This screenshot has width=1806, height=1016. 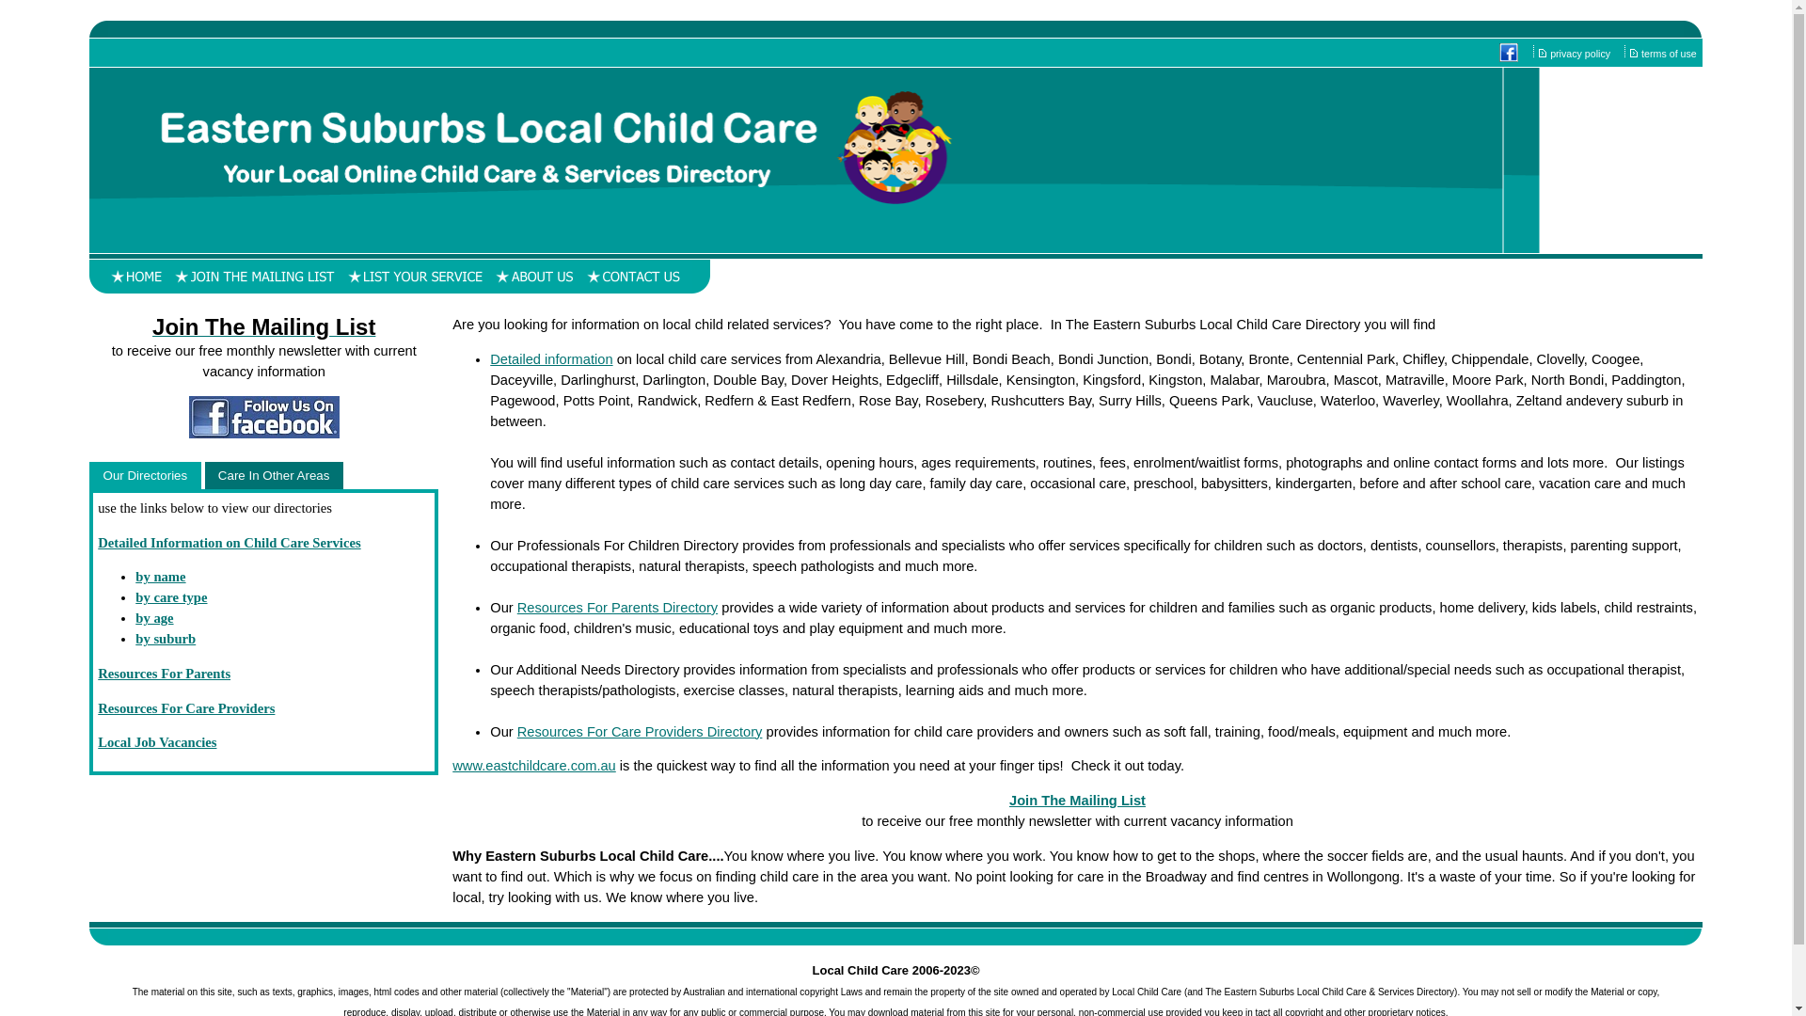 What do you see at coordinates (153, 617) in the screenshot?
I see `'by age'` at bounding box center [153, 617].